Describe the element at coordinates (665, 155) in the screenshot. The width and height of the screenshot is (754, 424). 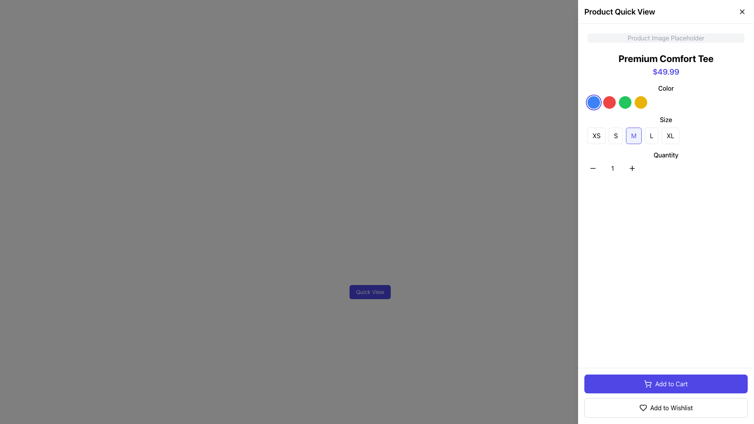
I see `the 'Quantity' label, which is a medium bold text label indicating quantity selection, located within the 'Quantity1' section and centered horizontally` at that location.